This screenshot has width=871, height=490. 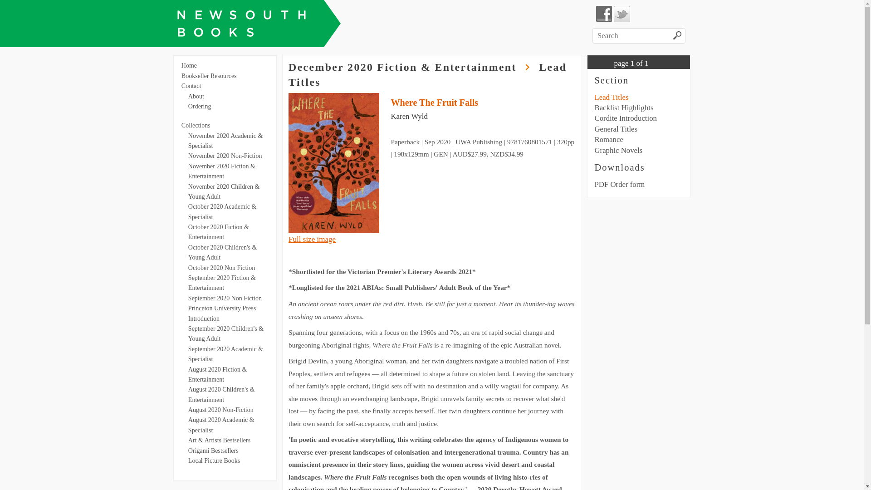 What do you see at coordinates (594, 129) in the screenshot?
I see `'General Titles'` at bounding box center [594, 129].